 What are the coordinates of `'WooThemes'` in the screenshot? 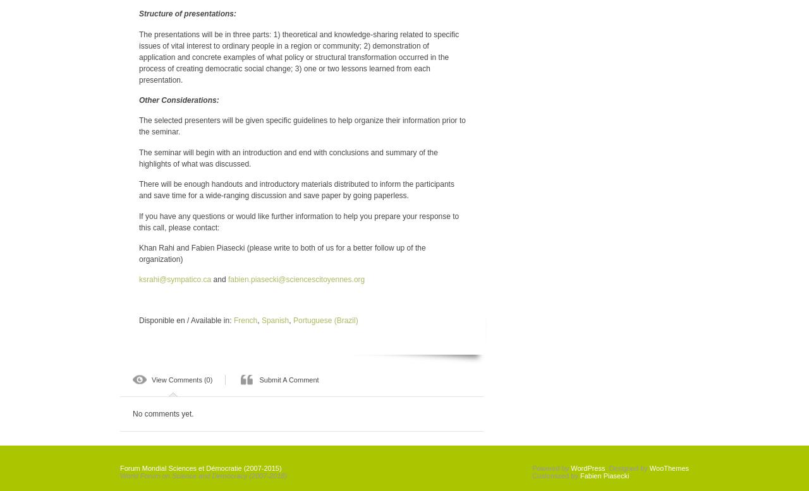 It's located at (668, 466).